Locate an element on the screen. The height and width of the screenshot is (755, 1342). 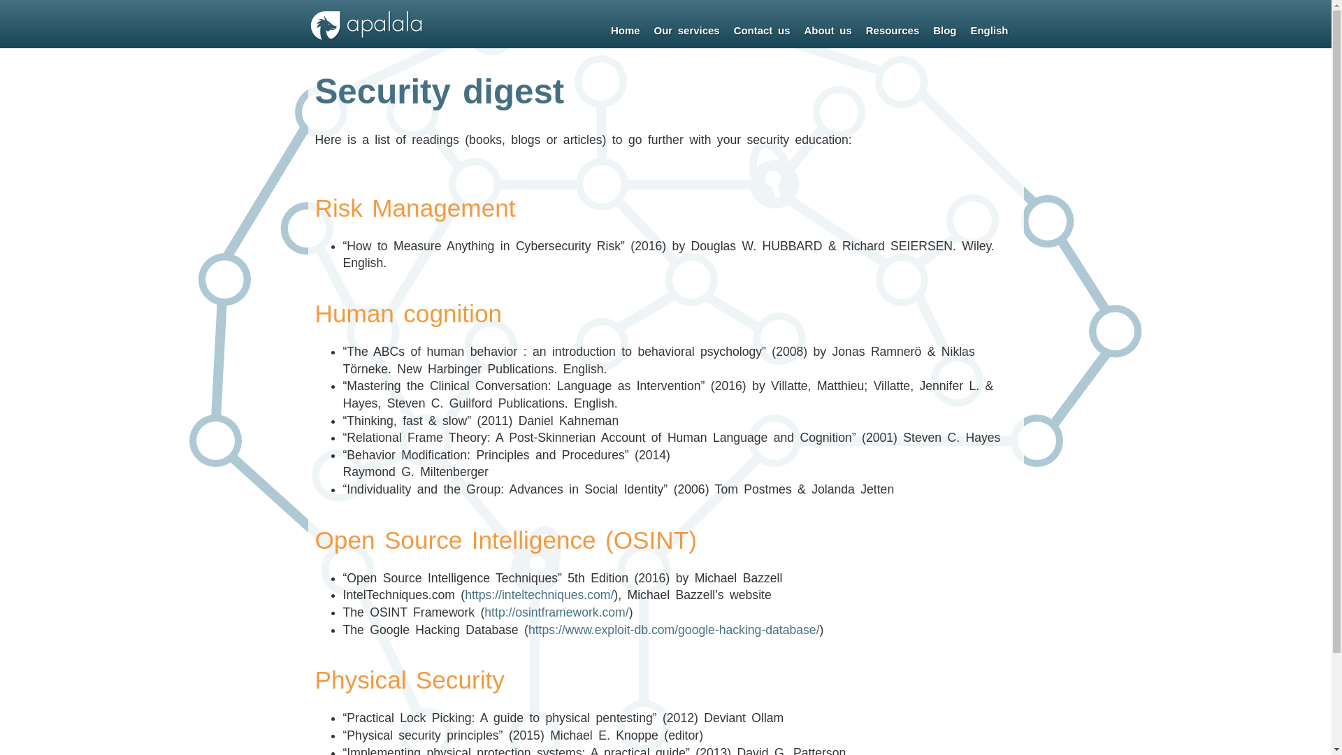
'Apalala srl' is located at coordinates (366, 37).